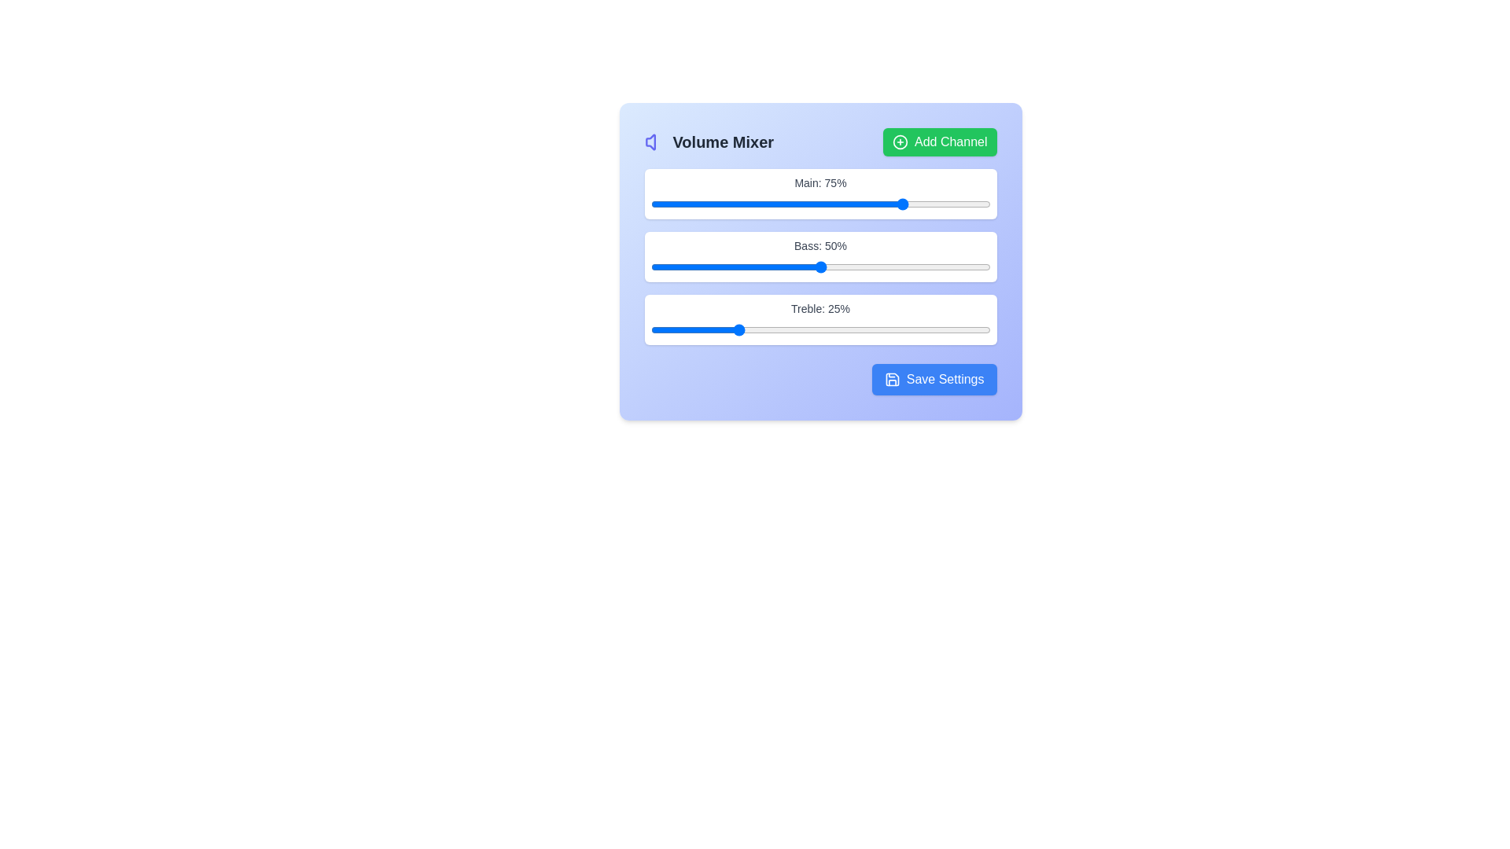 Image resolution: width=1510 pixels, height=849 pixels. What do you see at coordinates (819, 256) in the screenshot?
I see `the grouped set of sliders below the 'Volume Mixer' header` at bounding box center [819, 256].